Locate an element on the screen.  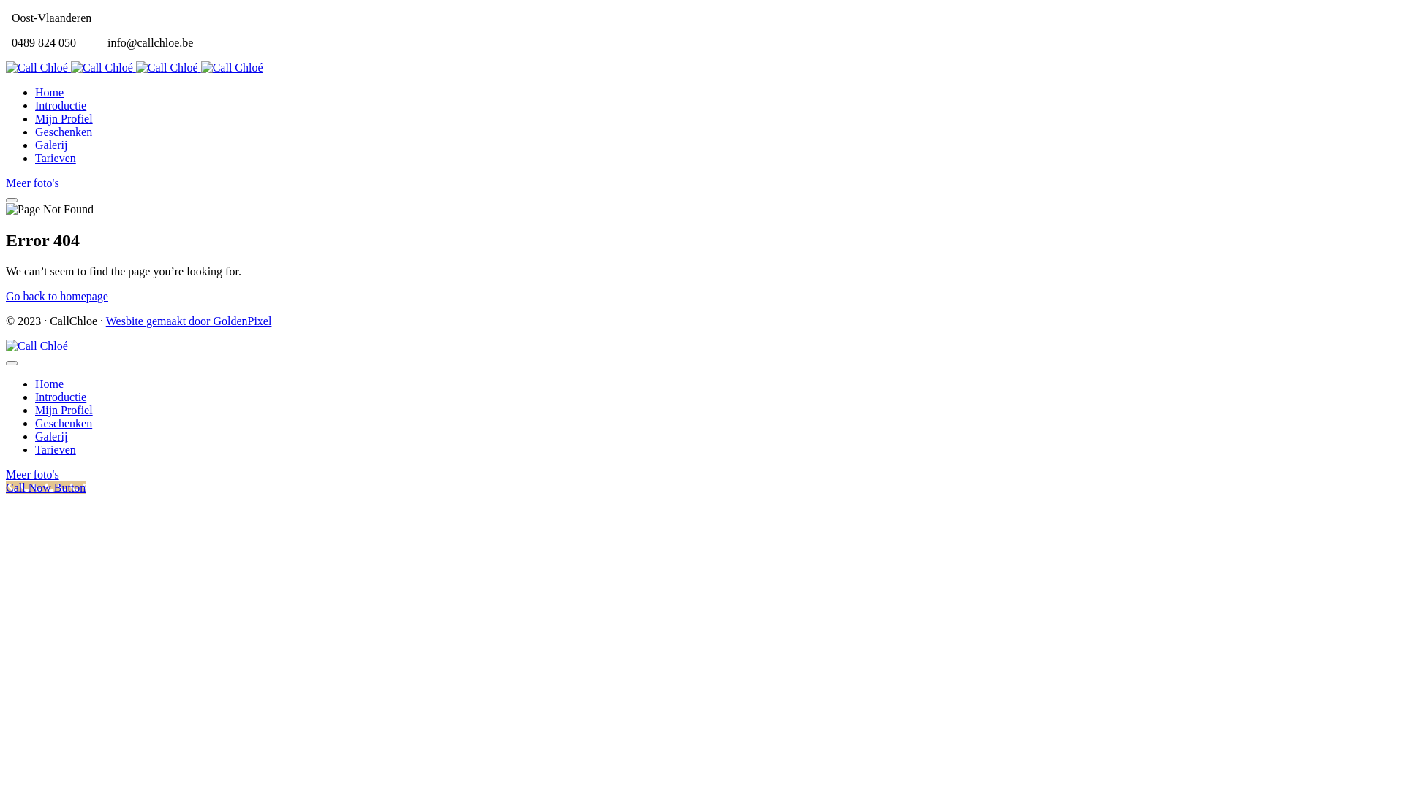
'Go back to homepage' is located at coordinates (56, 296).